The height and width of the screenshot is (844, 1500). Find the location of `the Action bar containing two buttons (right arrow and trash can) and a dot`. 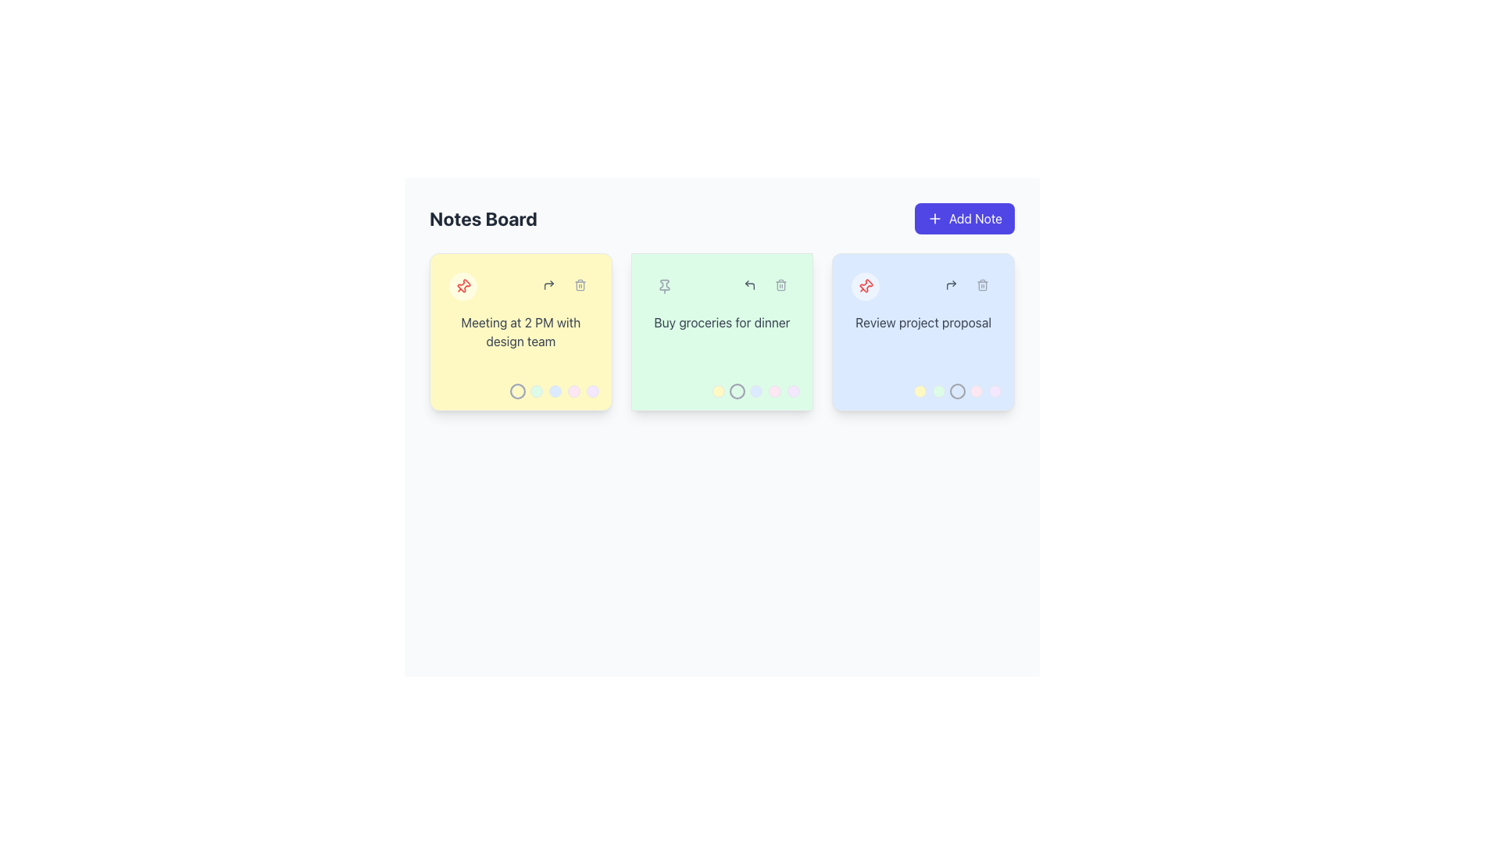

the Action bar containing two buttons (right arrow and trash can) and a dot is located at coordinates (966, 285).